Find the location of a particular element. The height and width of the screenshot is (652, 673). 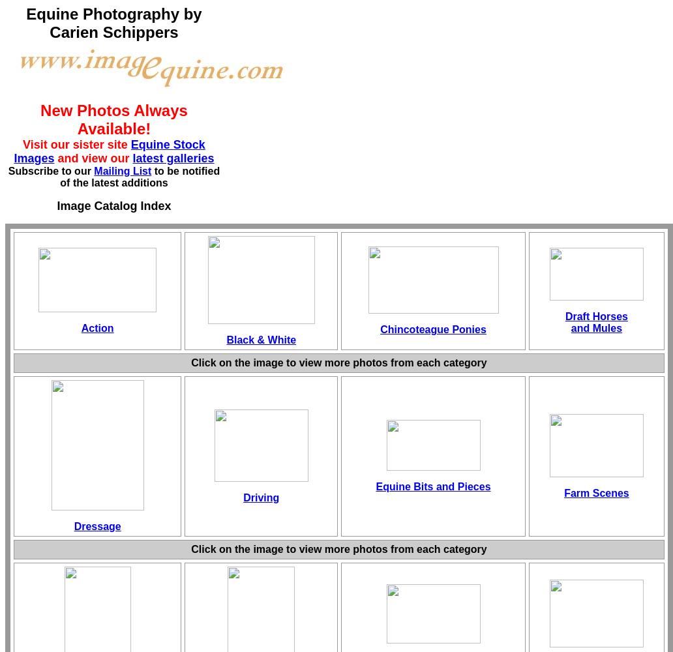

'Visit our sister site' is located at coordinates (76, 144).